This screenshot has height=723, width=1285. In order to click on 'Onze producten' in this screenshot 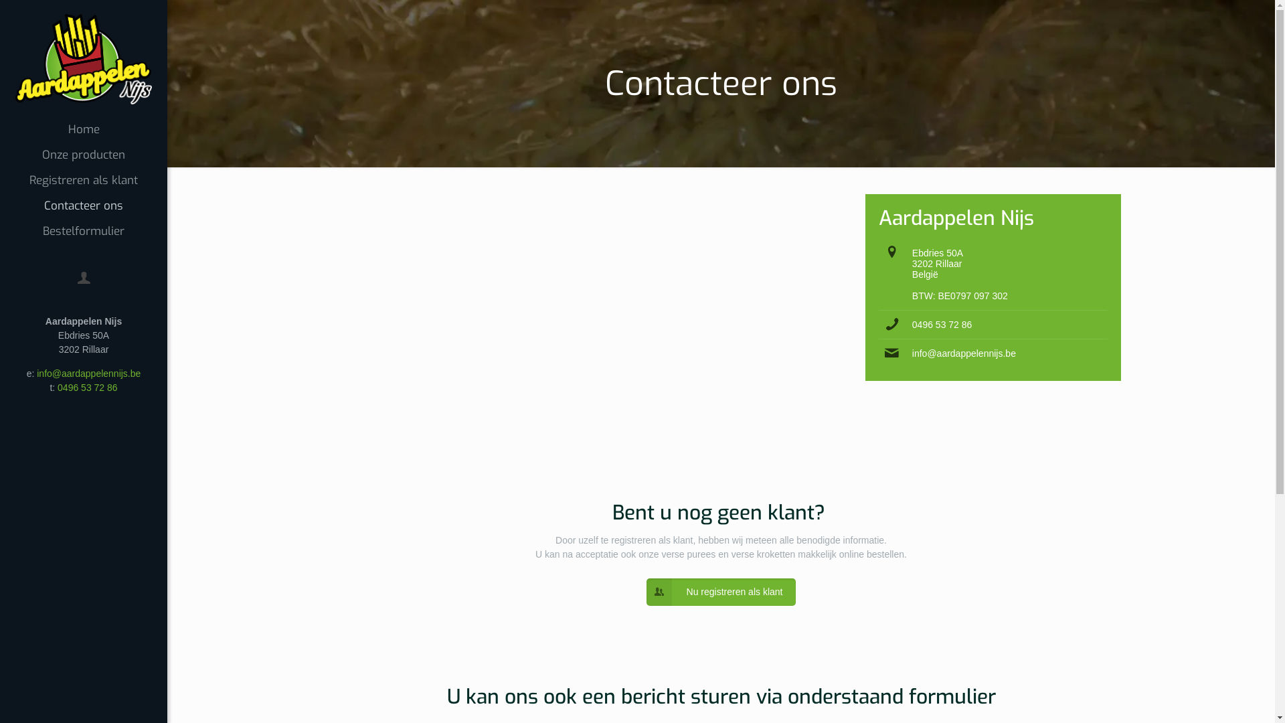, I will do `click(82, 154)`.